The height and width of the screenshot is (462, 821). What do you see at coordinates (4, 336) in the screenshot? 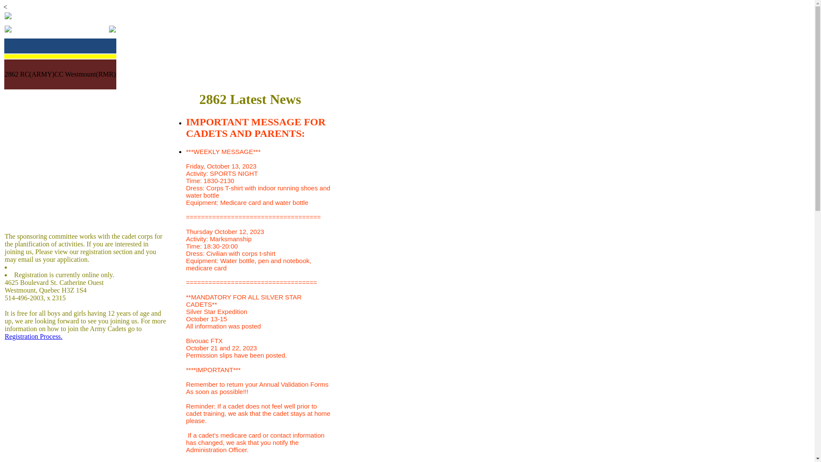
I see `'Registration Process.'` at bounding box center [4, 336].